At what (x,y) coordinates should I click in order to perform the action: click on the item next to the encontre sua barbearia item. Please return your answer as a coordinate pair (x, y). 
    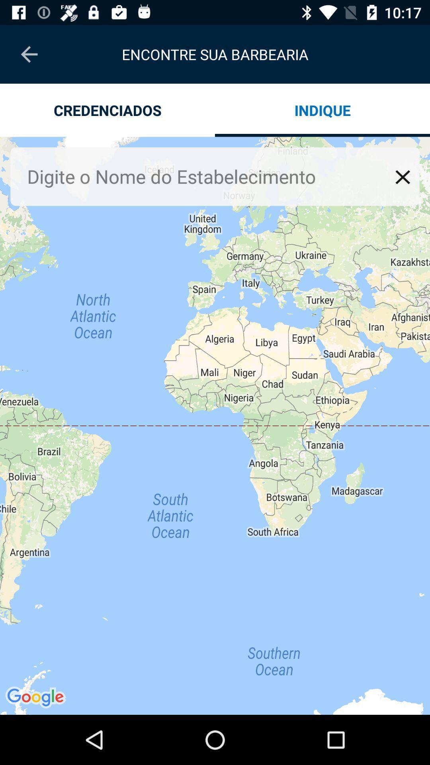
    Looking at the image, I should click on (29, 54).